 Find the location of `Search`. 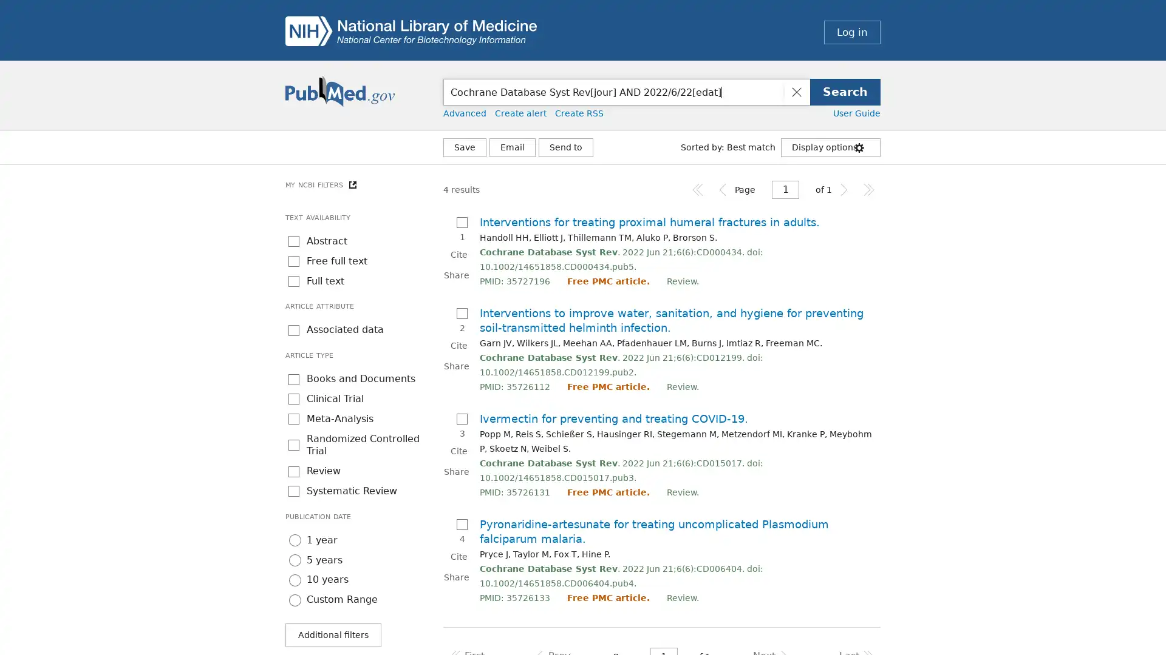

Search is located at coordinates (845, 91).